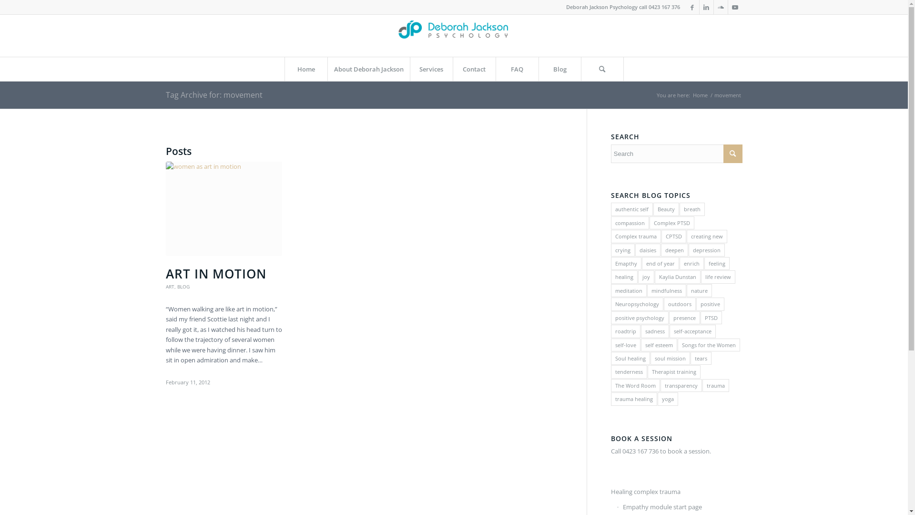  I want to click on 'daisies', so click(648, 249).